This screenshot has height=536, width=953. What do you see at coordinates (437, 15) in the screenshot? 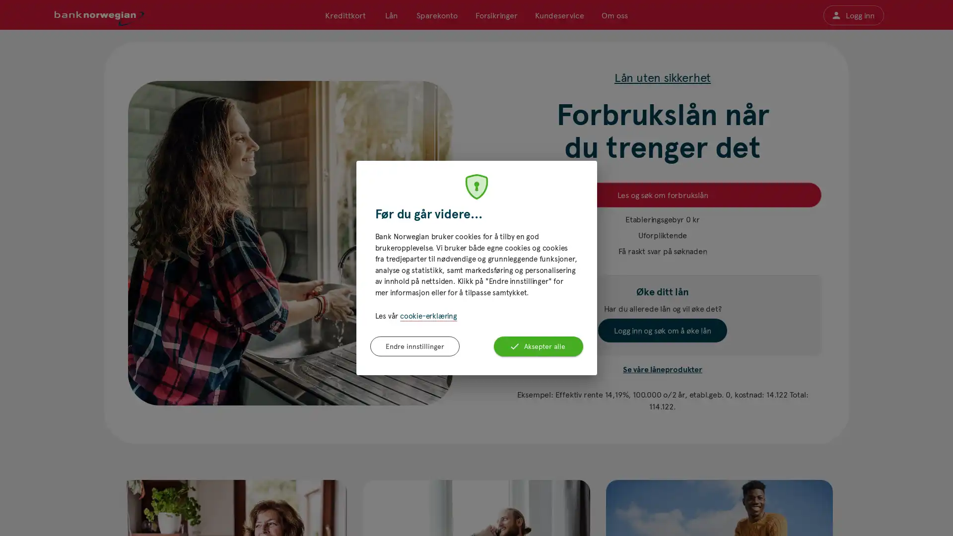
I see `Sparekonto` at bounding box center [437, 15].